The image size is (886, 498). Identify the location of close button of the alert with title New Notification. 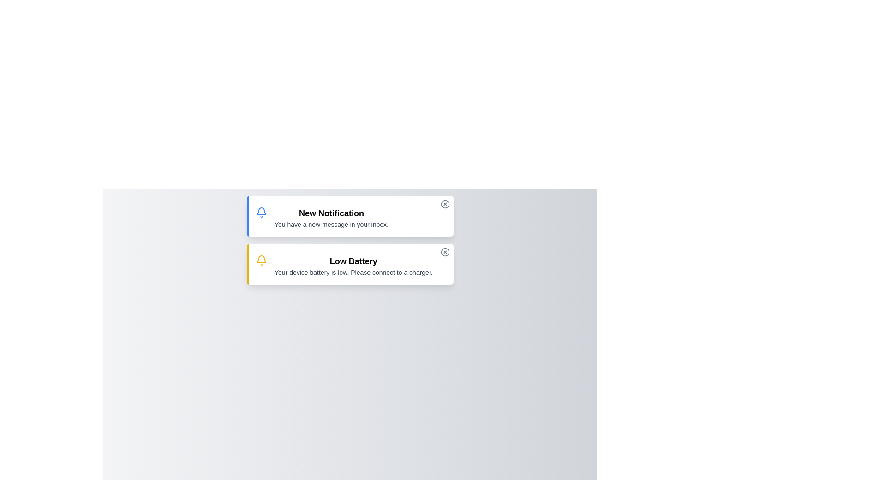
(445, 204).